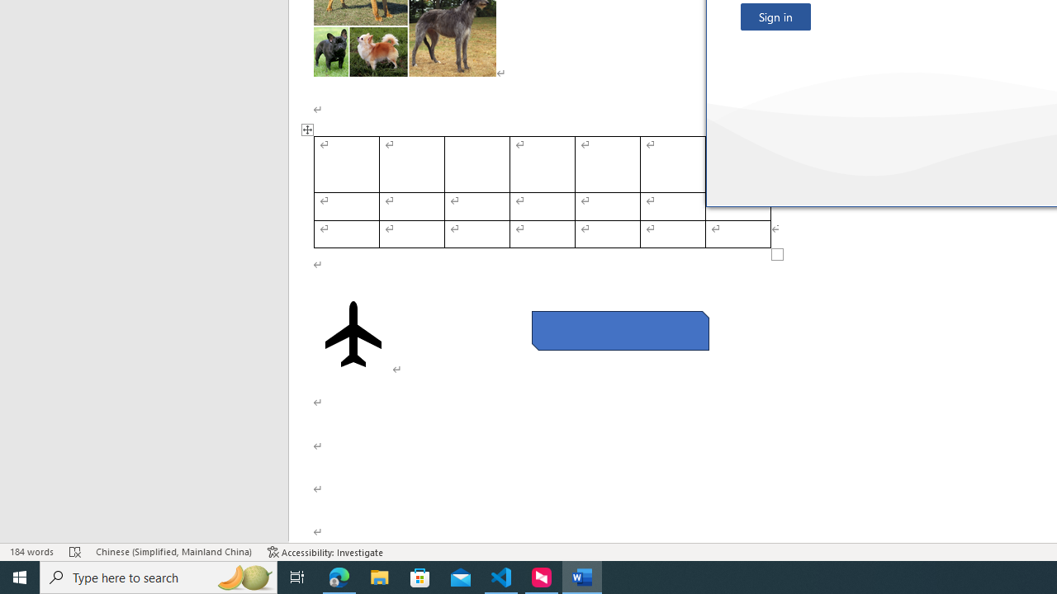 The image size is (1057, 594). I want to click on 'File Explorer', so click(379, 576).